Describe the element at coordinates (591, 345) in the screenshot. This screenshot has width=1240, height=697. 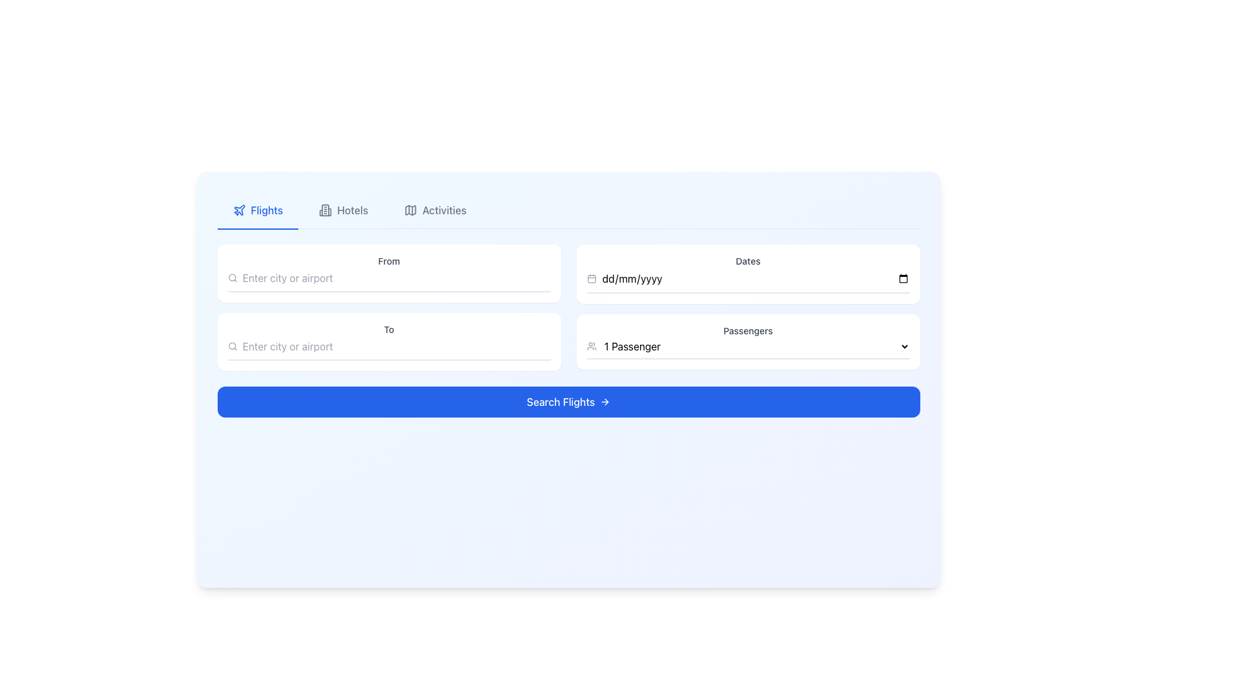
I see `the user icon located in the 'Passengers' section of the form, which represents multiple users and is positioned to the left of the text input displaying '1 Passenger'` at that location.